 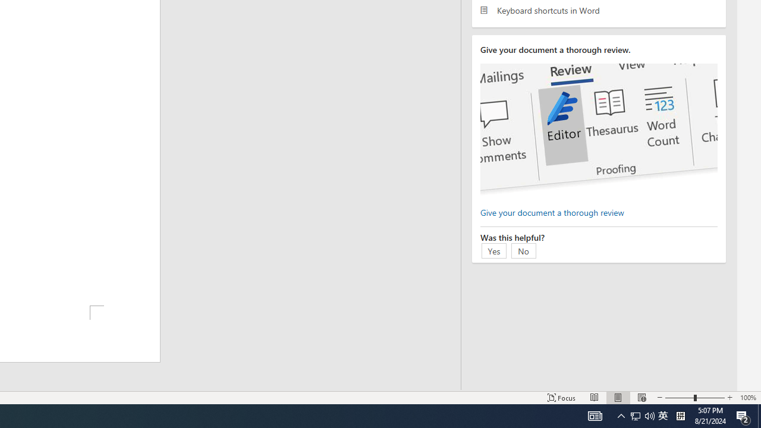 What do you see at coordinates (599, 130) in the screenshot?
I see `'editor ui screenshot'` at bounding box center [599, 130].